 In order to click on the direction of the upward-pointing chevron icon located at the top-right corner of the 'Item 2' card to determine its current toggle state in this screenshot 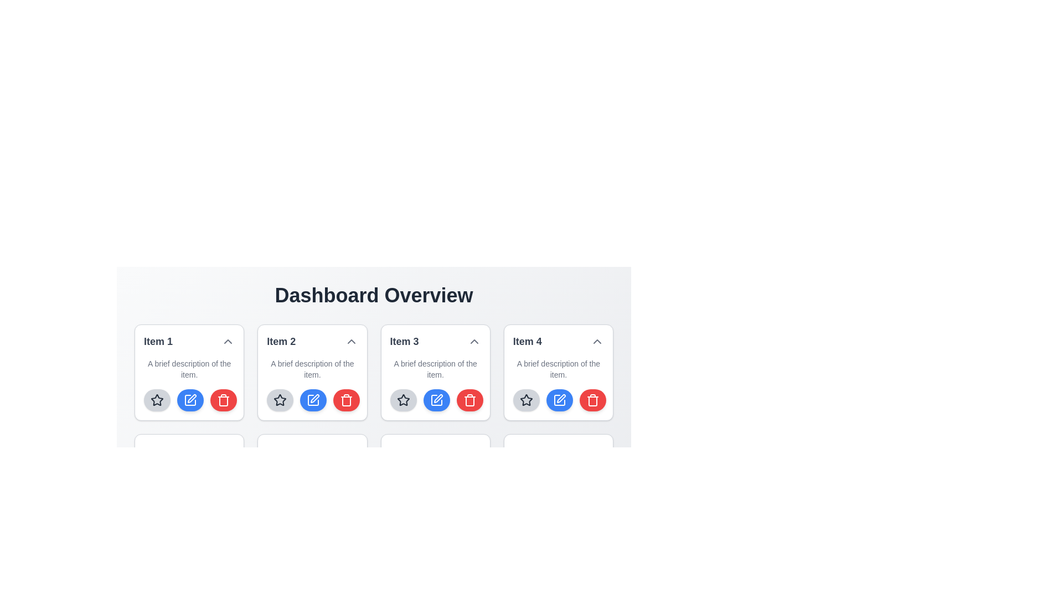, I will do `click(350, 341)`.